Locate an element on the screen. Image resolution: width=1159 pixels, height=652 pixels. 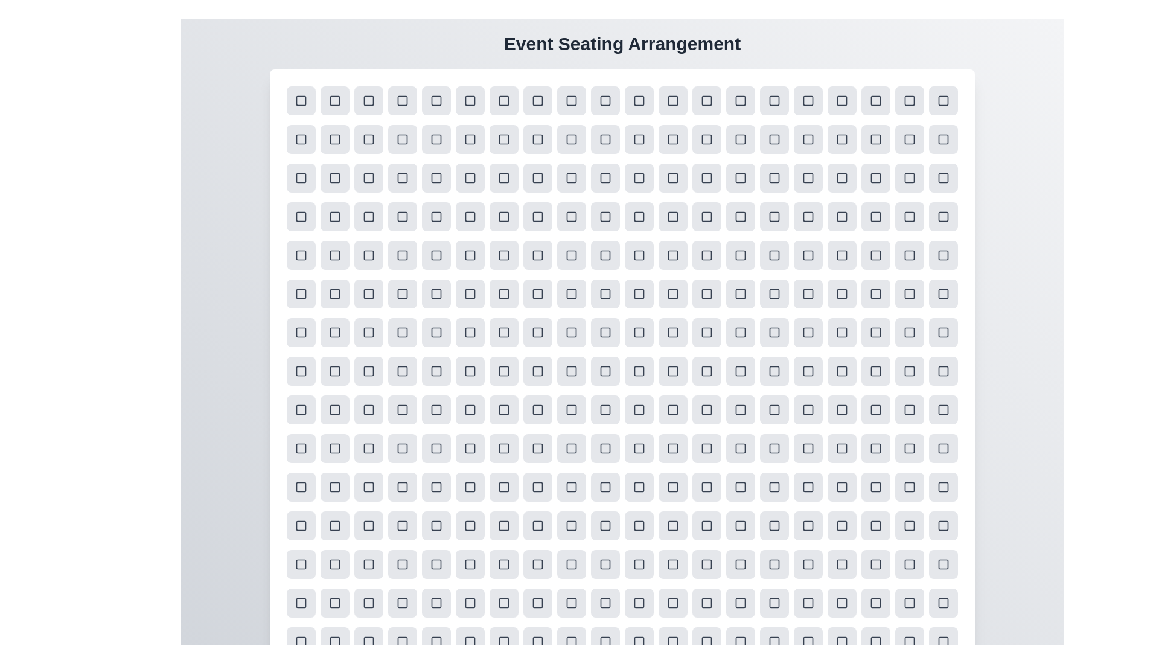
the title 'Event Seating Arrangement' displayed at the top of the component is located at coordinates (622, 43).